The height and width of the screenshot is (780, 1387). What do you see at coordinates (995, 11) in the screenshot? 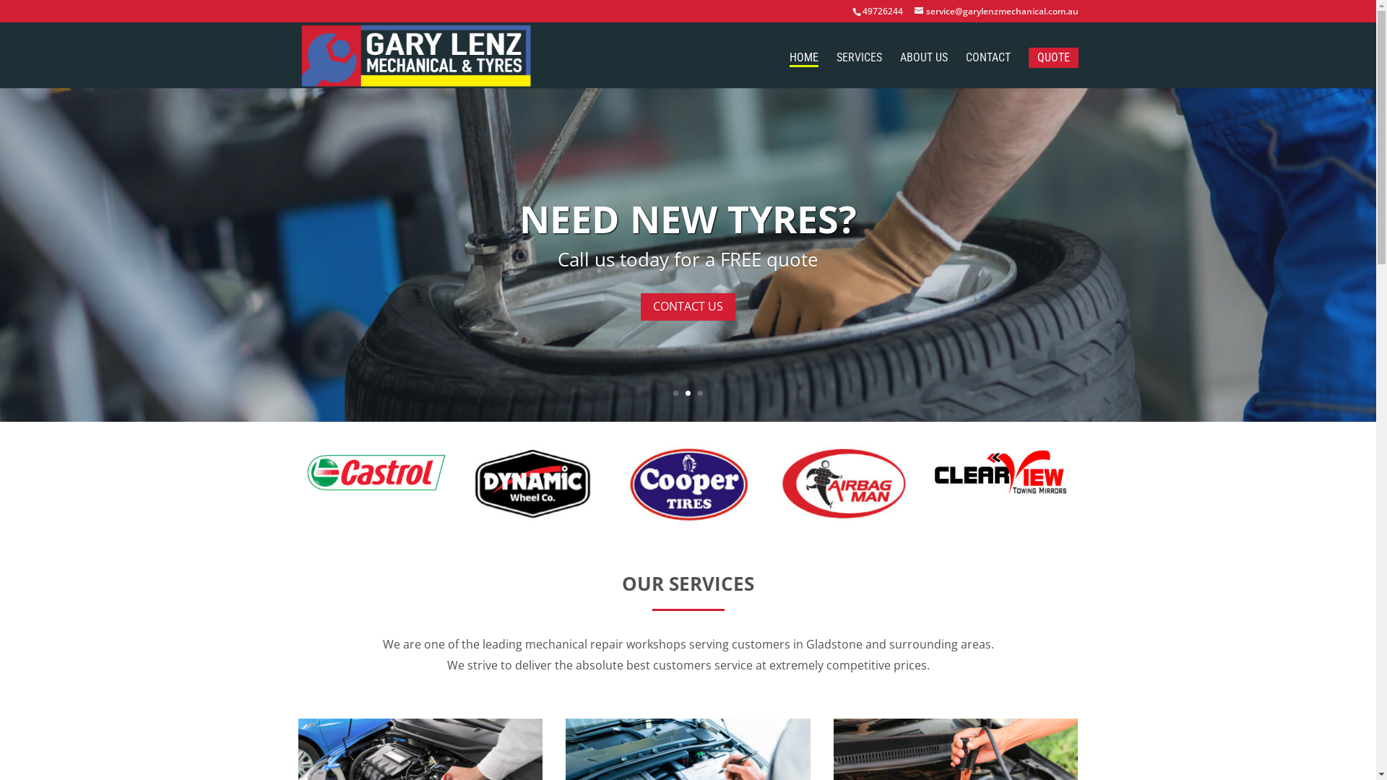
I see `'service@garylenzmechanical.com.au'` at bounding box center [995, 11].